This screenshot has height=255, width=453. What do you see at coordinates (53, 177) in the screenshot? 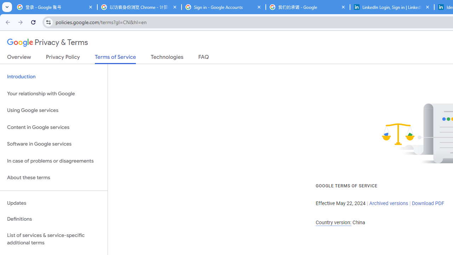
I see `'About these terms'` at bounding box center [53, 177].